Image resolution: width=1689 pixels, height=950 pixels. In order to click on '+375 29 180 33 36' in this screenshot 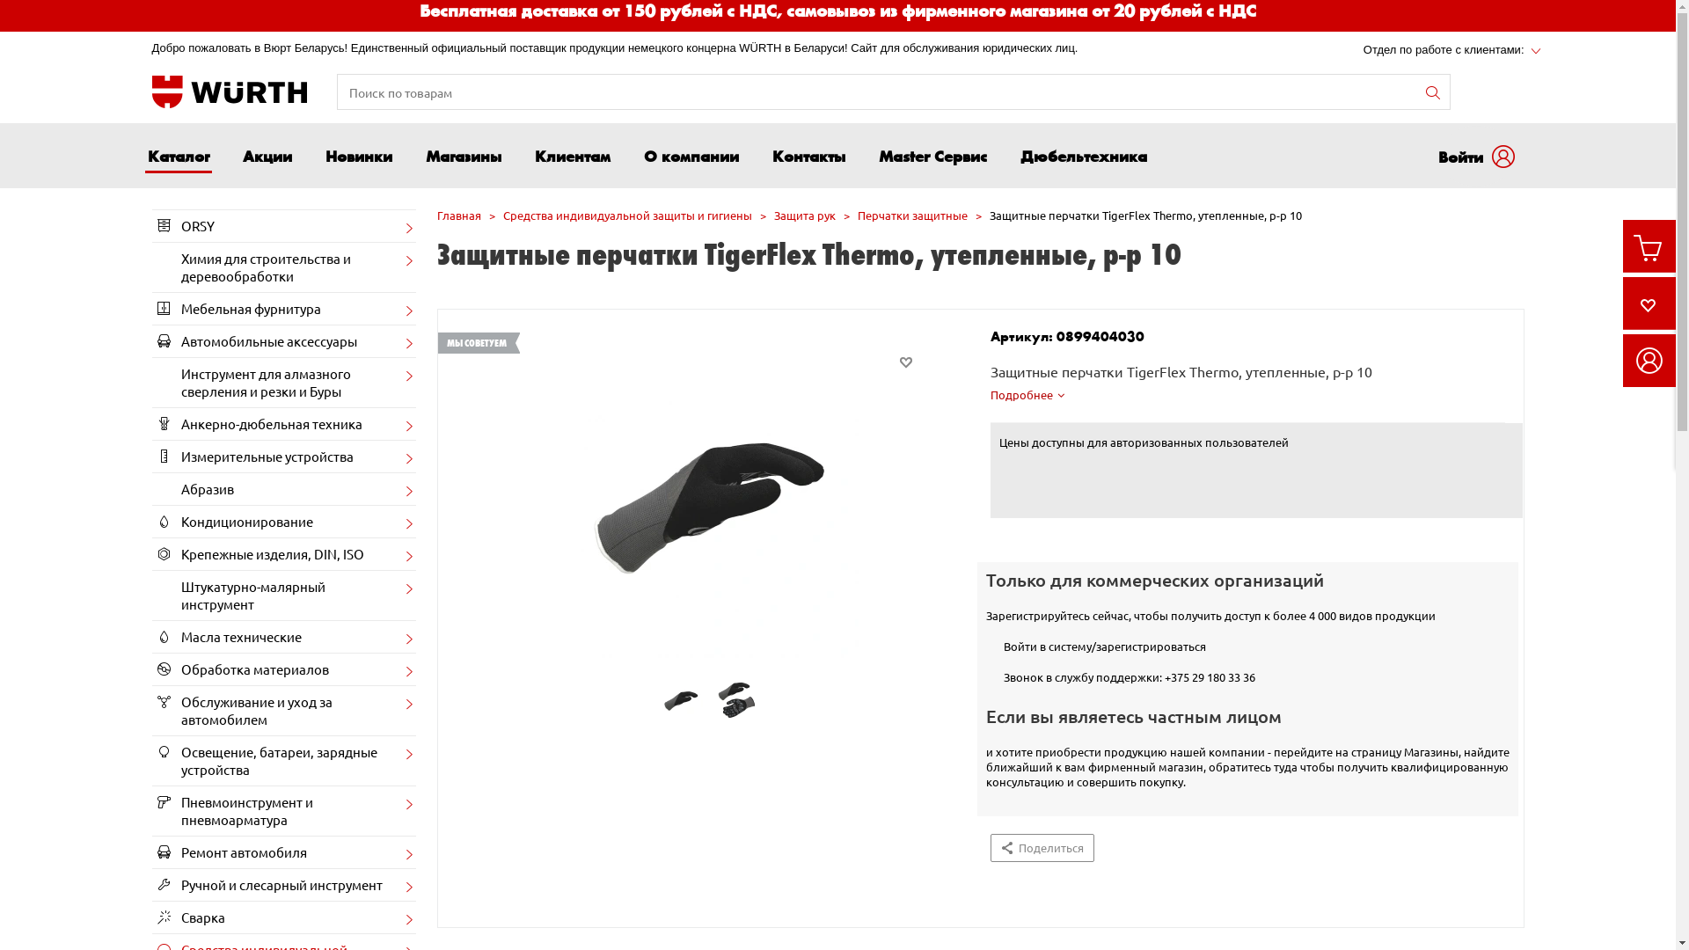, I will do `click(1209, 676)`.